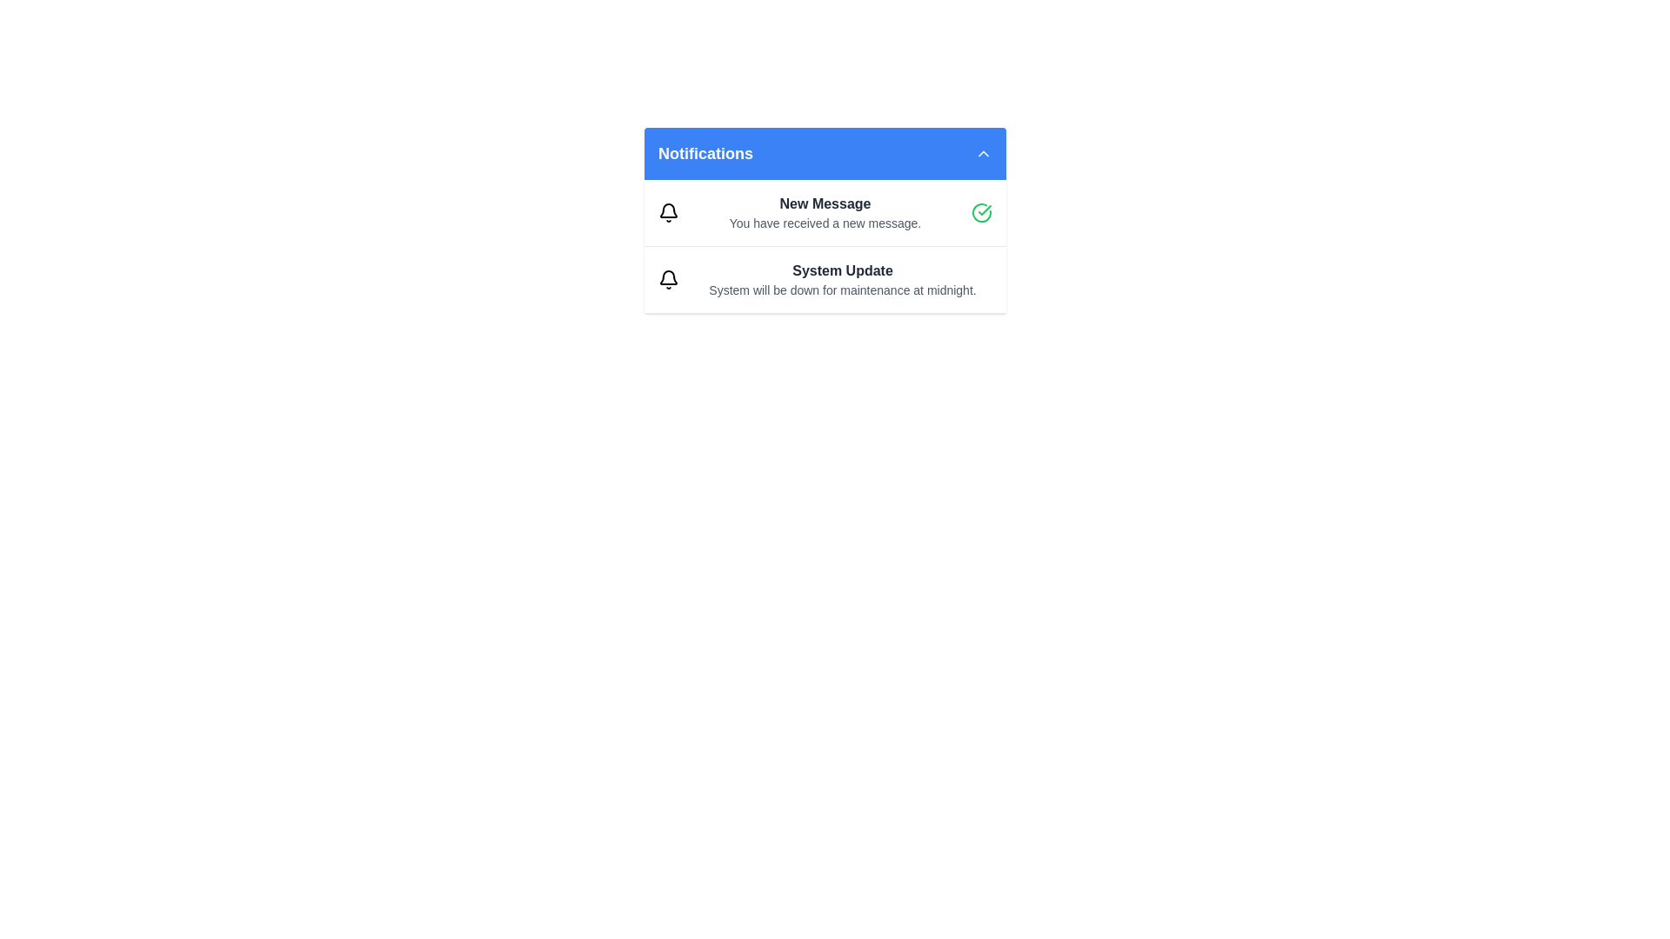  What do you see at coordinates (825, 212) in the screenshot?
I see `the notification summary text block that indicates a new message, located between the notification bell icon and the checkmark icon` at bounding box center [825, 212].